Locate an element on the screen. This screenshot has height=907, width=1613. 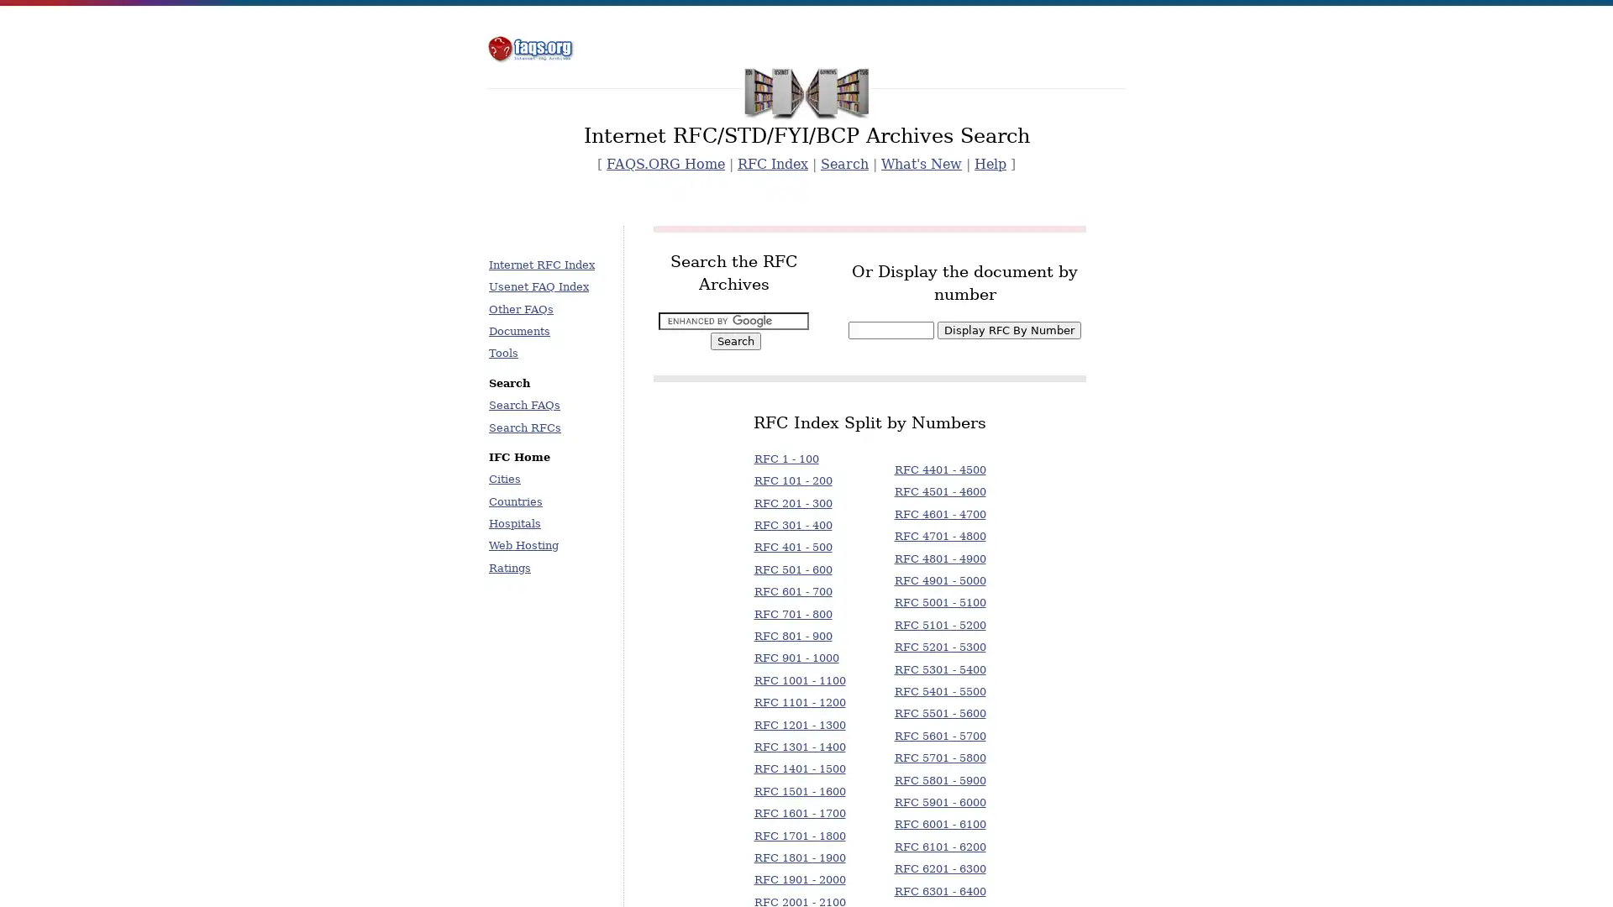
Search is located at coordinates (735, 340).